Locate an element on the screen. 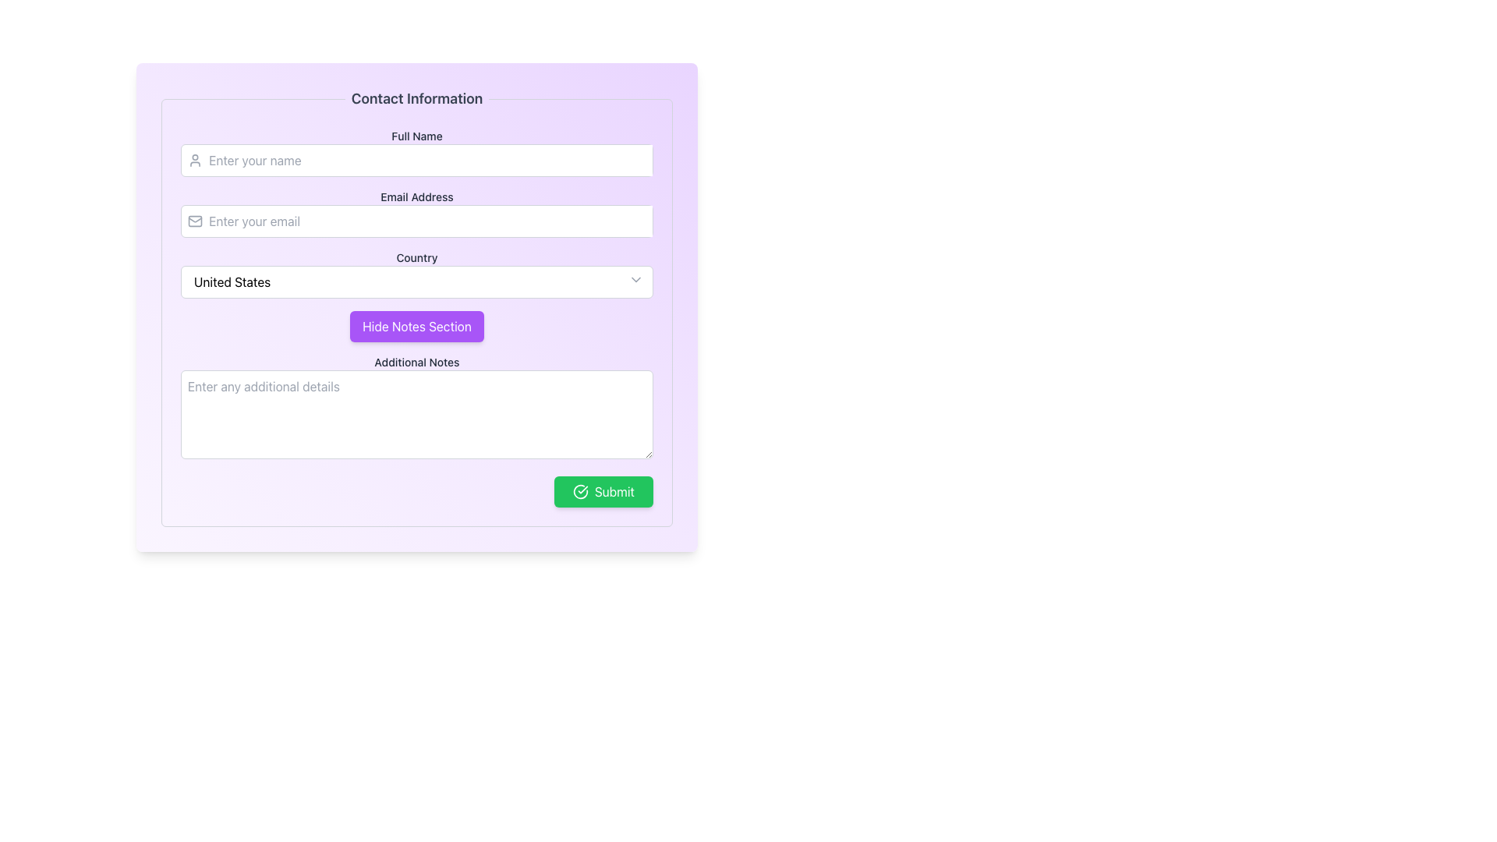 The image size is (1497, 842). the downward-pointing gray chevron icon located inside the 'Country' input field at the far right is located at coordinates (636, 278).